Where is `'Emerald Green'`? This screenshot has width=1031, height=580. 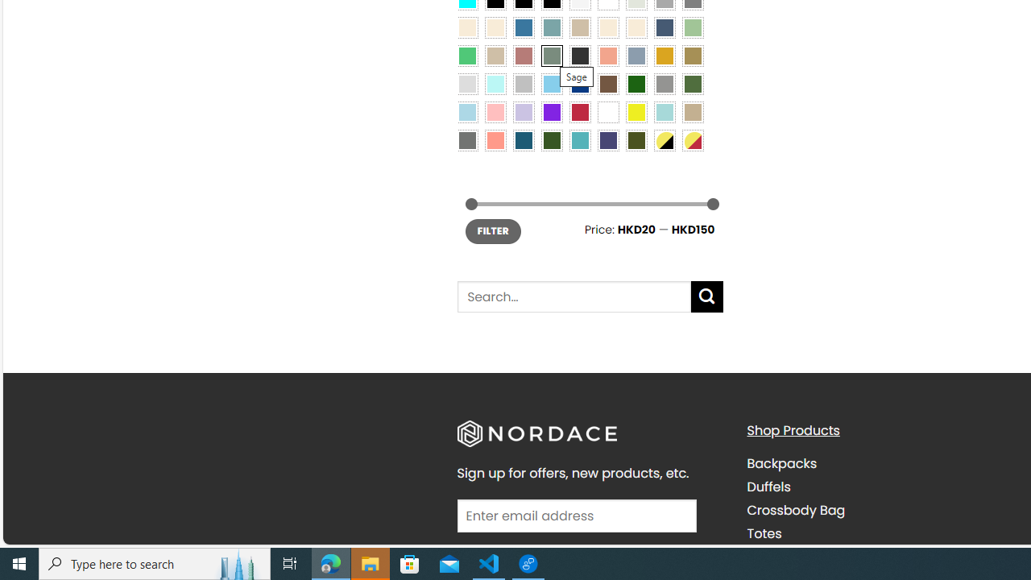 'Emerald Green' is located at coordinates (466, 55).